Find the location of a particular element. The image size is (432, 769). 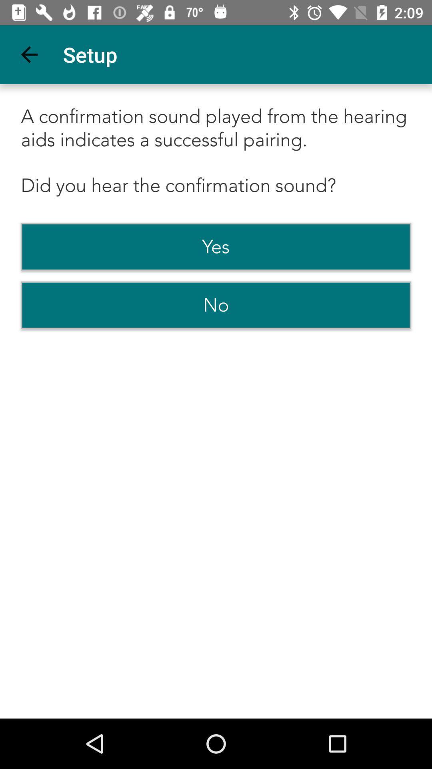

the yes item is located at coordinates (216, 246).